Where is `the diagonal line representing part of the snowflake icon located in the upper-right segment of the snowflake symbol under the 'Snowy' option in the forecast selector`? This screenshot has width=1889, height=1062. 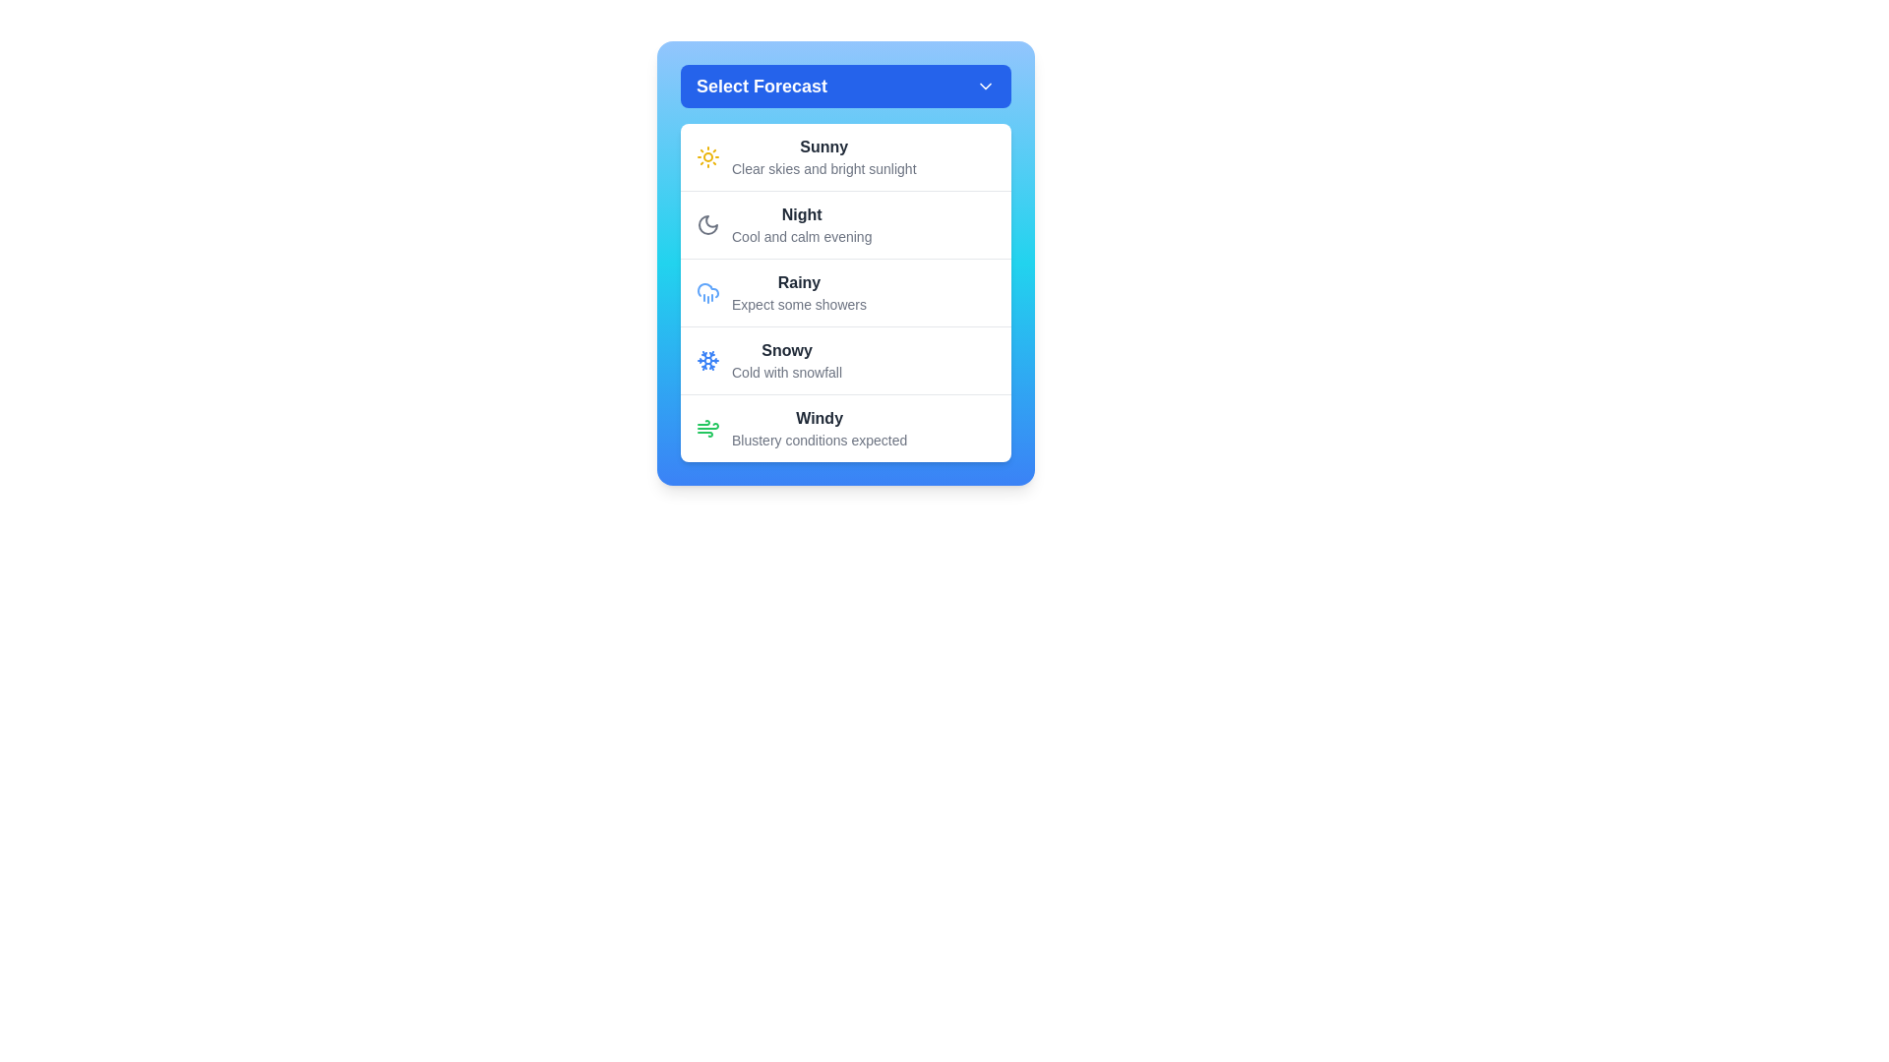 the diagonal line representing part of the snowflake icon located in the upper-right segment of the snowflake symbol under the 'Snowy' option in the forecast selector is located at coordinates (710, 356).